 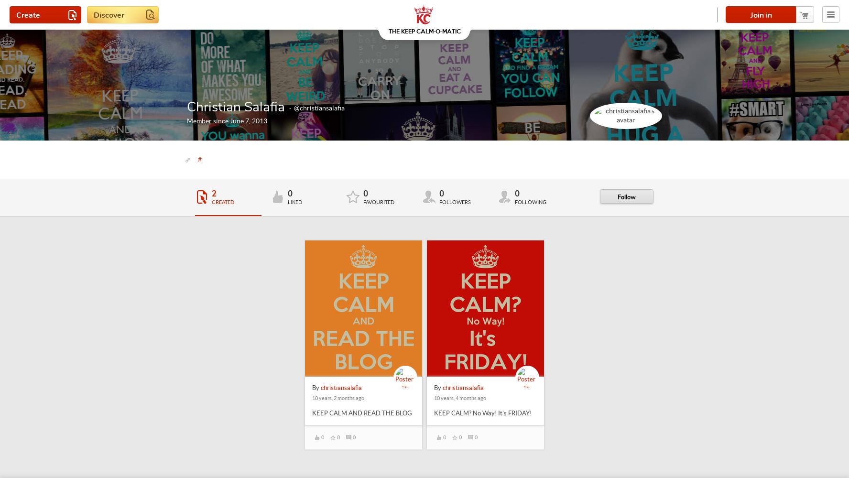 What do you see at coordinates (235, 107) in the screenshot?
I see `'Christian Salafia'` at bounding box center [235, 107].